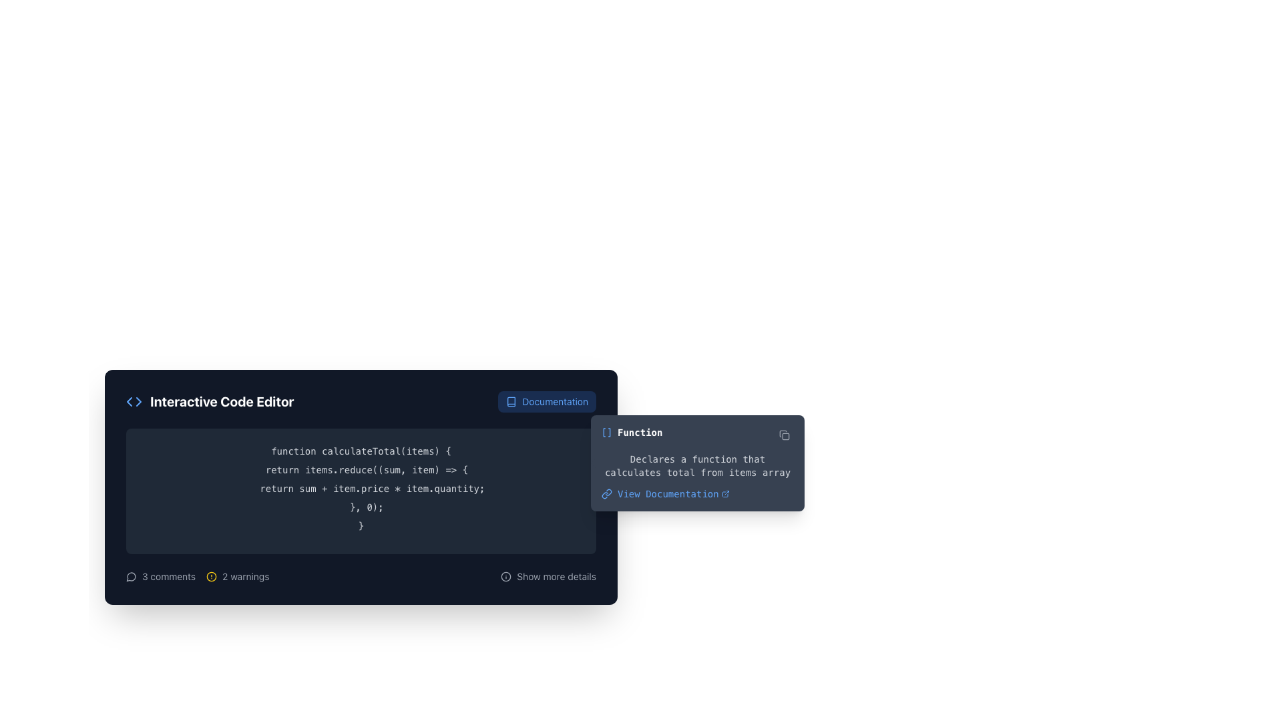 The width and height of the screenshot is (1282, 721). Describe the element at coordinates (606, 494) in the screenshot. I see `the hyperlink icon (SVG graphic) which is positioned to the left and slightly above the 'View Documentation' text link` at that location.